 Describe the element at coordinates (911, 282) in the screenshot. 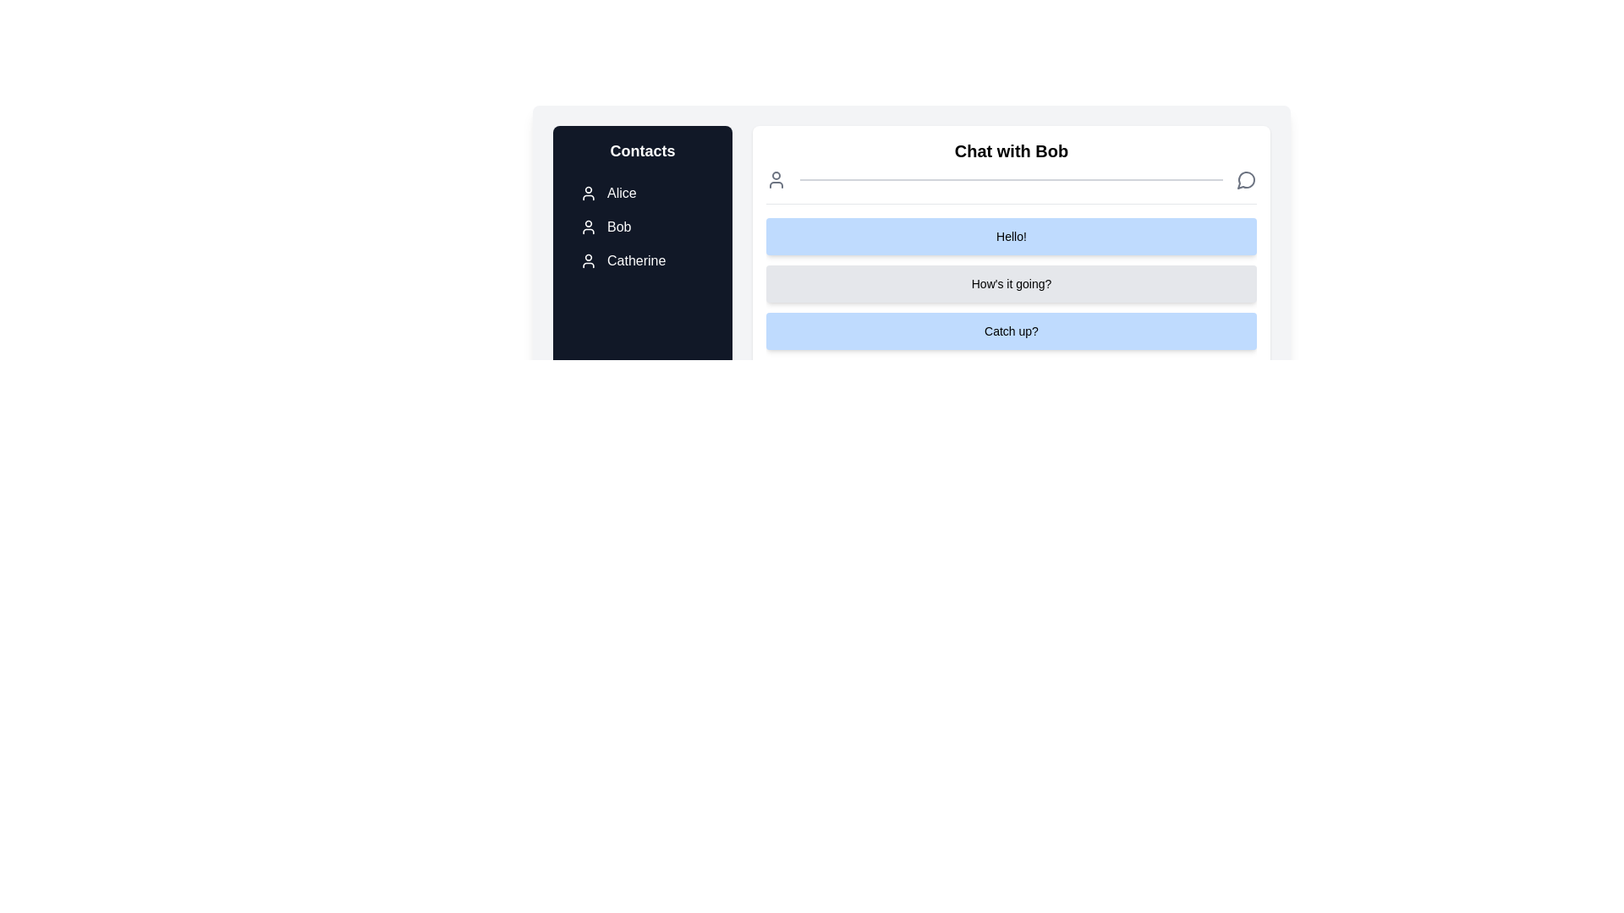

I see `the chat interface displaying a list of messages exchanged with a contact, located to the right of a contact list` at that location.